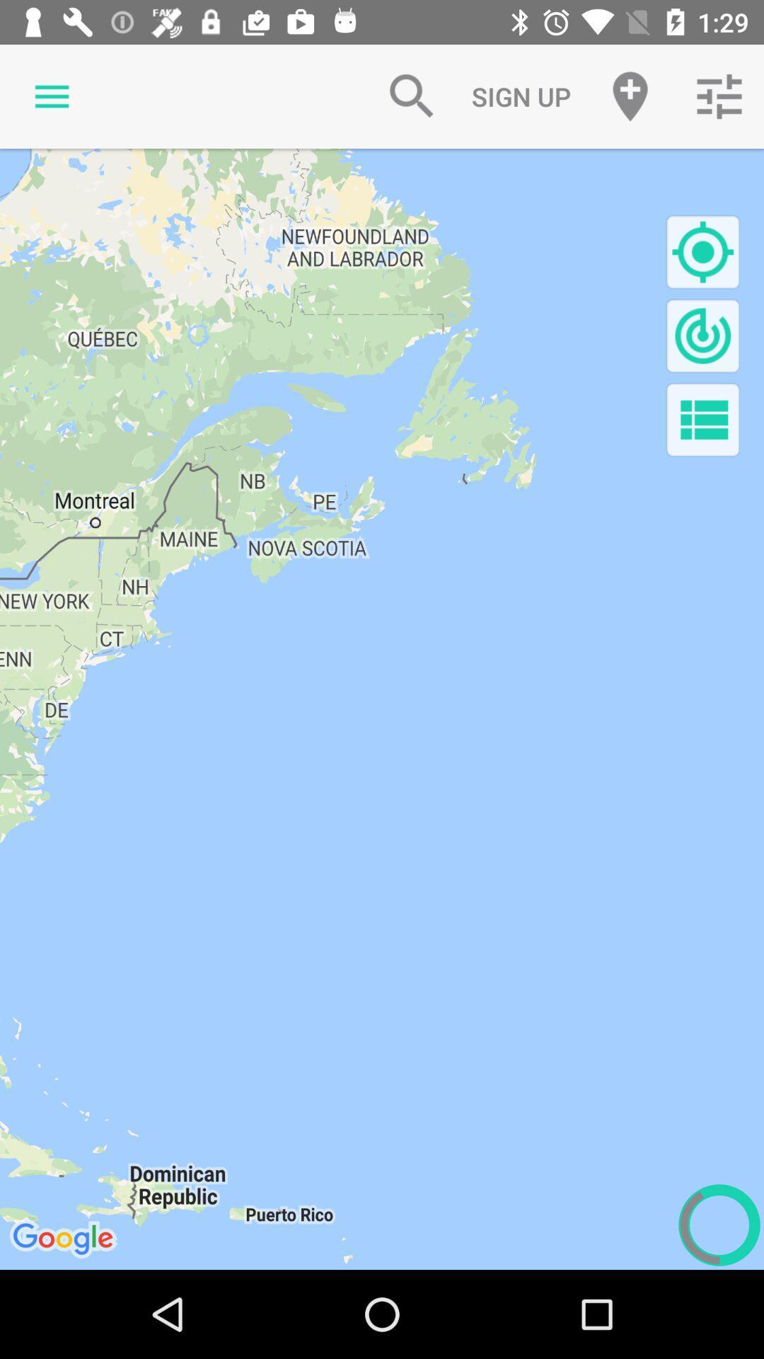  Describe the element at coordinates (630, 96) in the screenshot. I see `the item to the right of the sign up item` at that location.